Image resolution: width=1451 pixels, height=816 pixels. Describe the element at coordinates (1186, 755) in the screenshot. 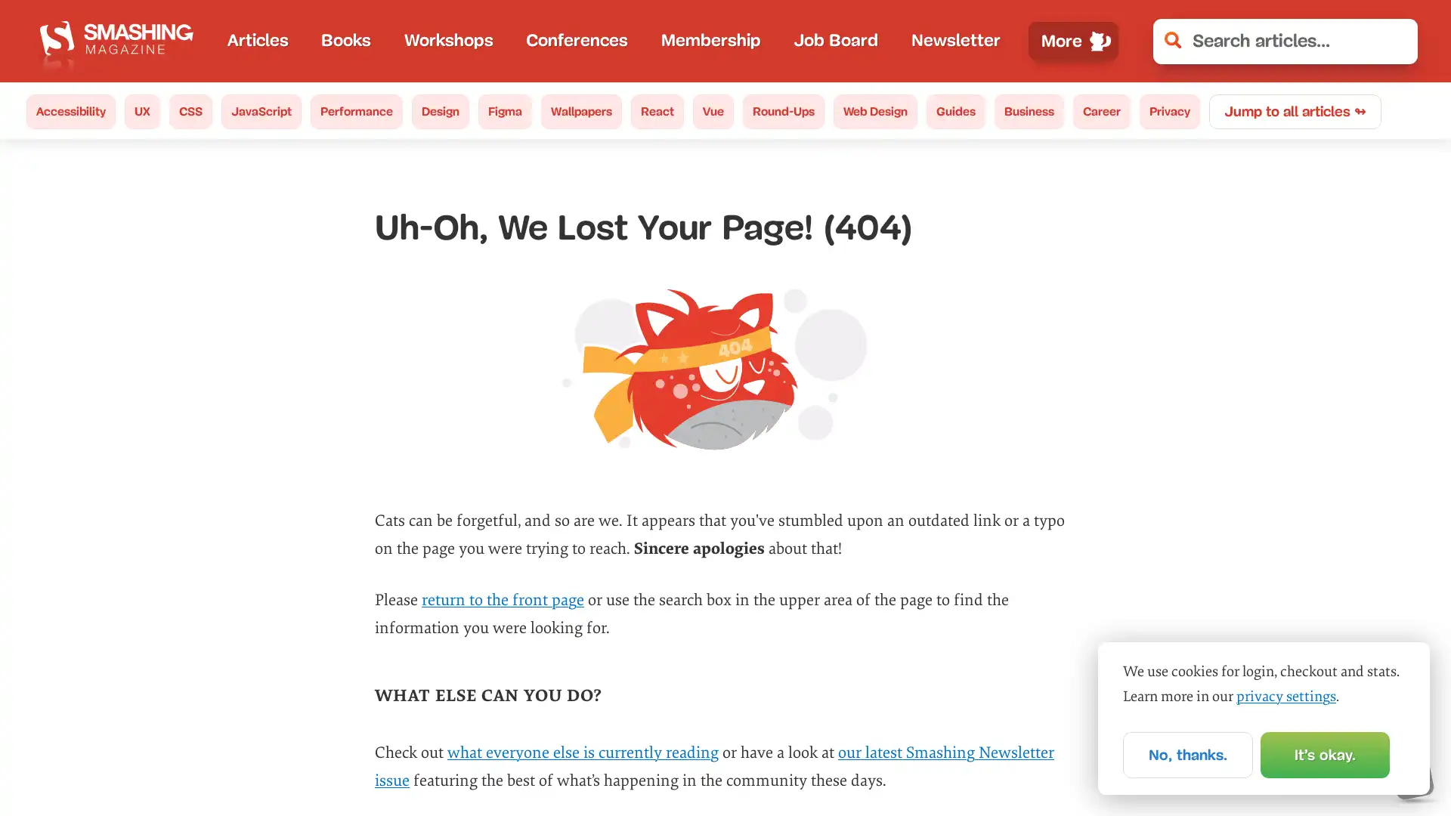

I see `No, thanks.` at that location.